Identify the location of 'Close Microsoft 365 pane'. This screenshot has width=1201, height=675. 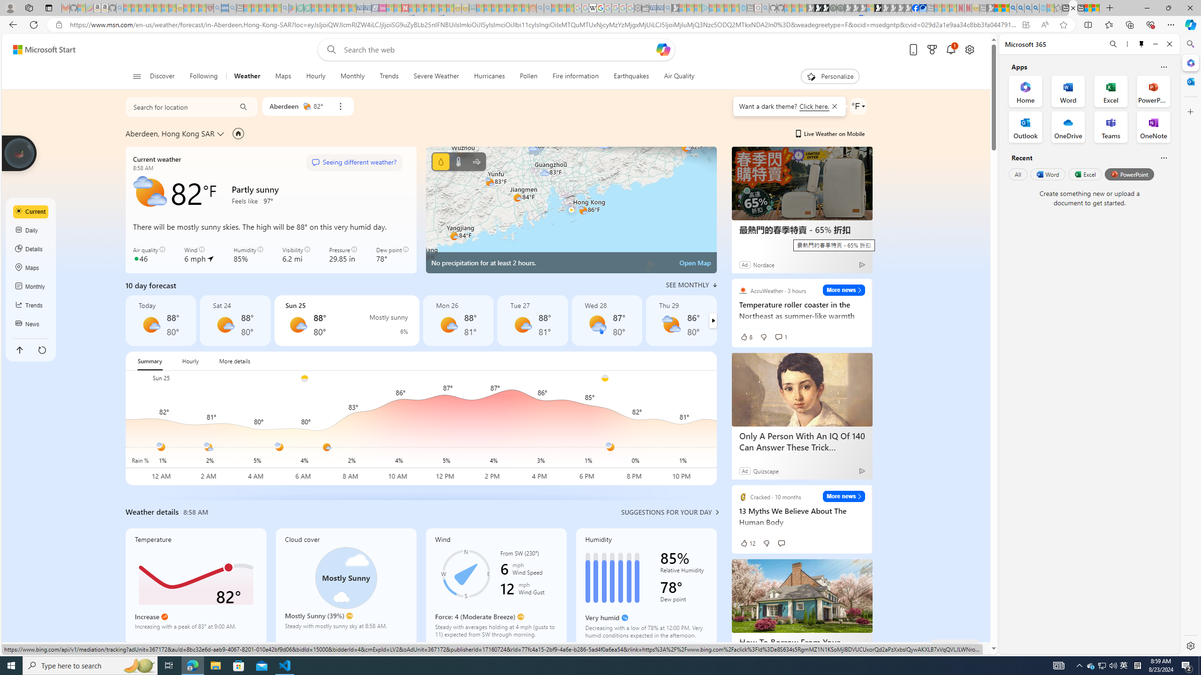
(1189, 63).